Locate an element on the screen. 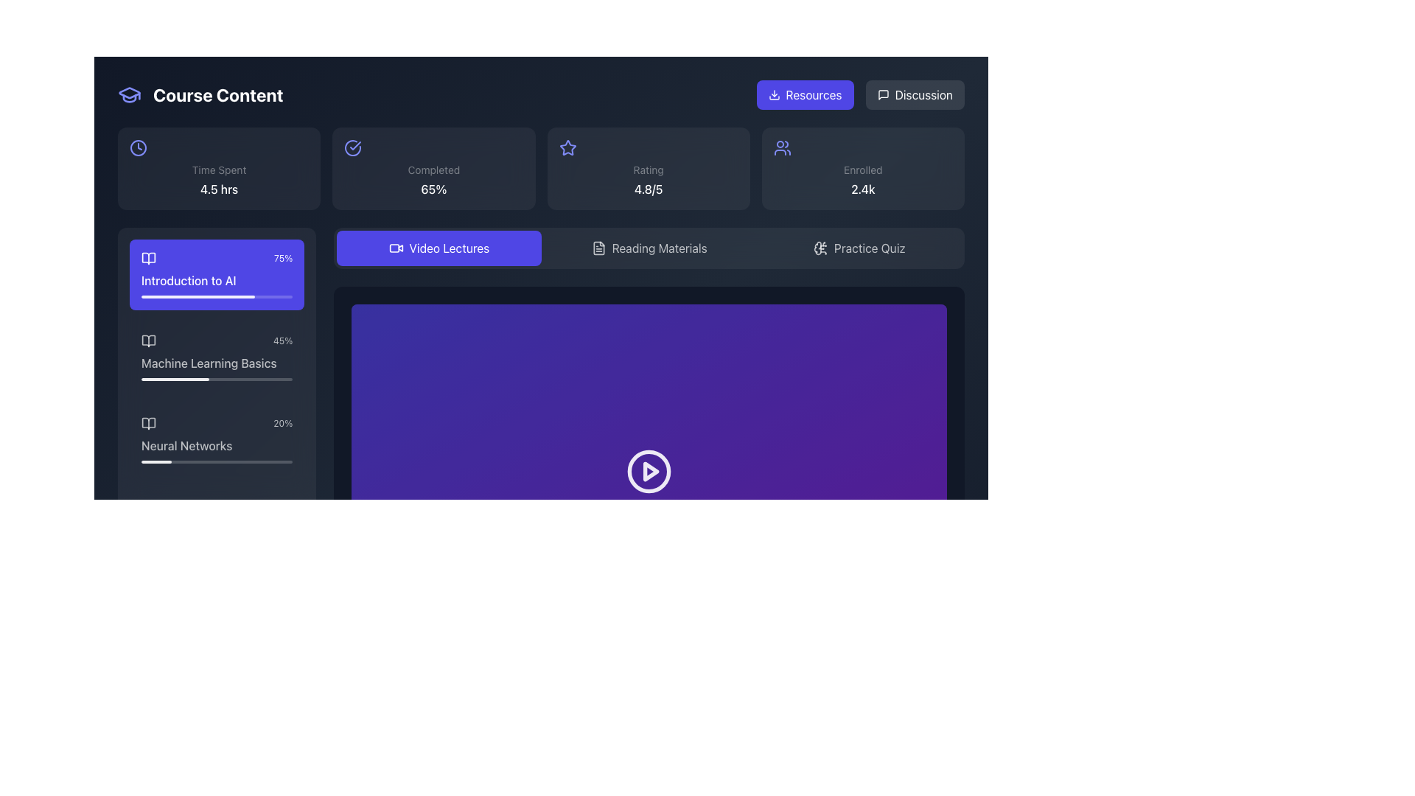  the open book icon within the third list item titled 'Neural Networks' in the vertical course list is located at coordinates (148, 423).